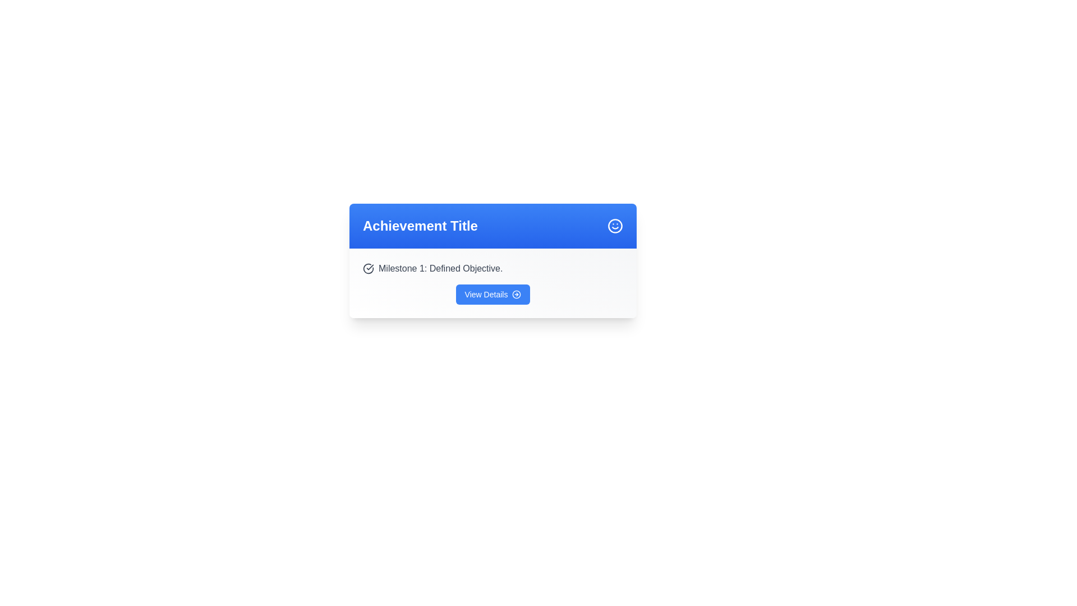 The image size is (1077, 606). Describe the element at coordinates (516, 293) in the screenshot. I see `the blue circular SVG element located inside the rightward-pointing arrow icon, which is positioned to the right of the 'View Details' button` at that location.